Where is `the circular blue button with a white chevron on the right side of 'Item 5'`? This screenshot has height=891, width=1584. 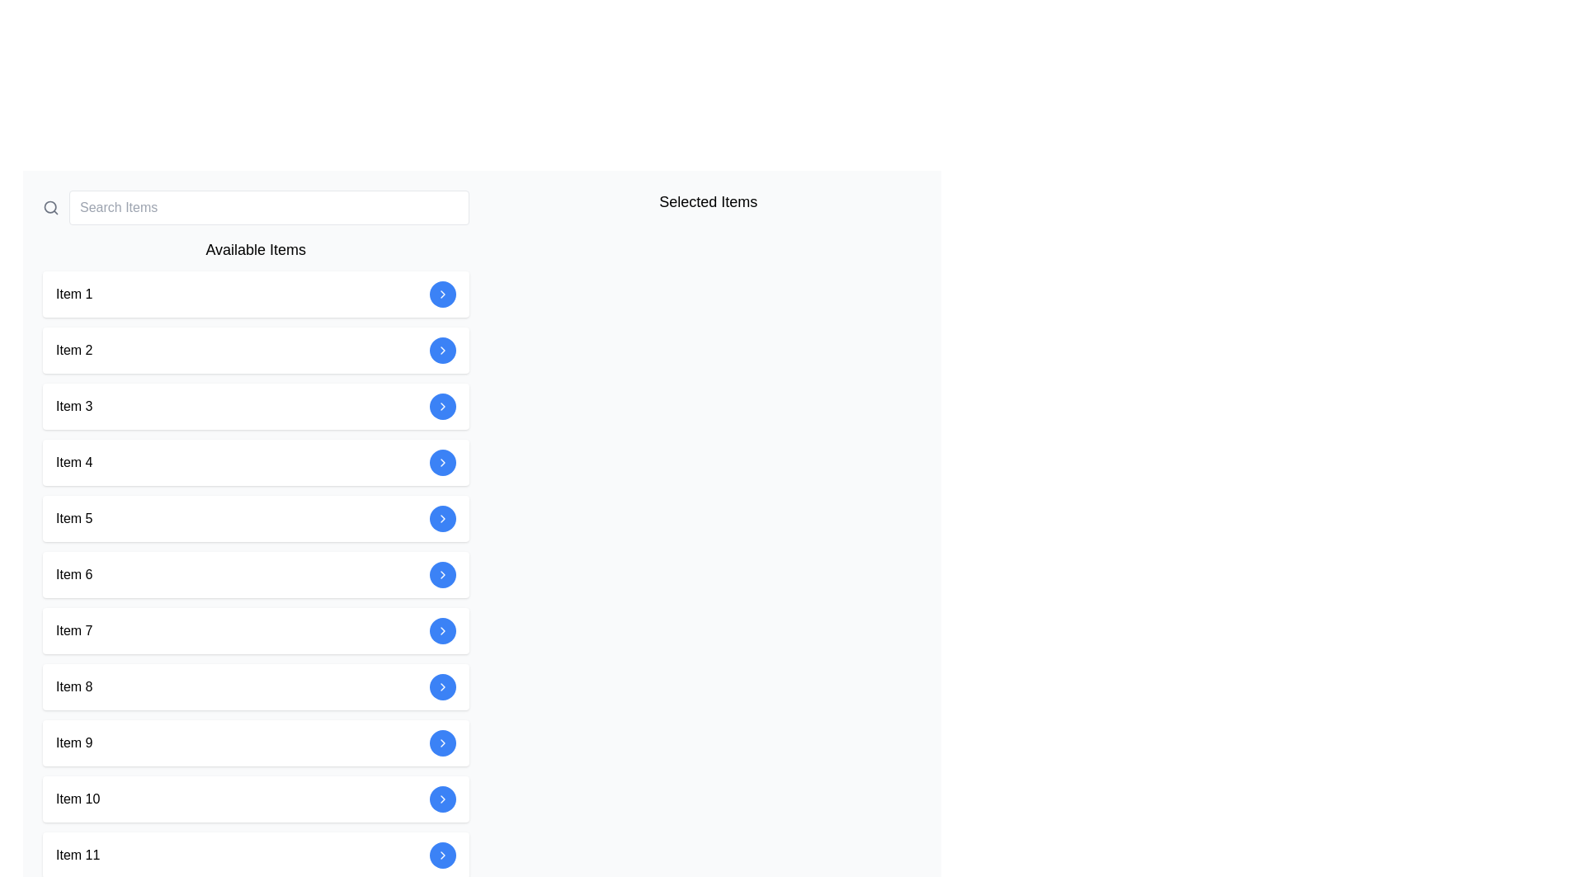 the circular blue button with a white chevron on the right side of 'Item 5' is located at coordinates (442, 517).